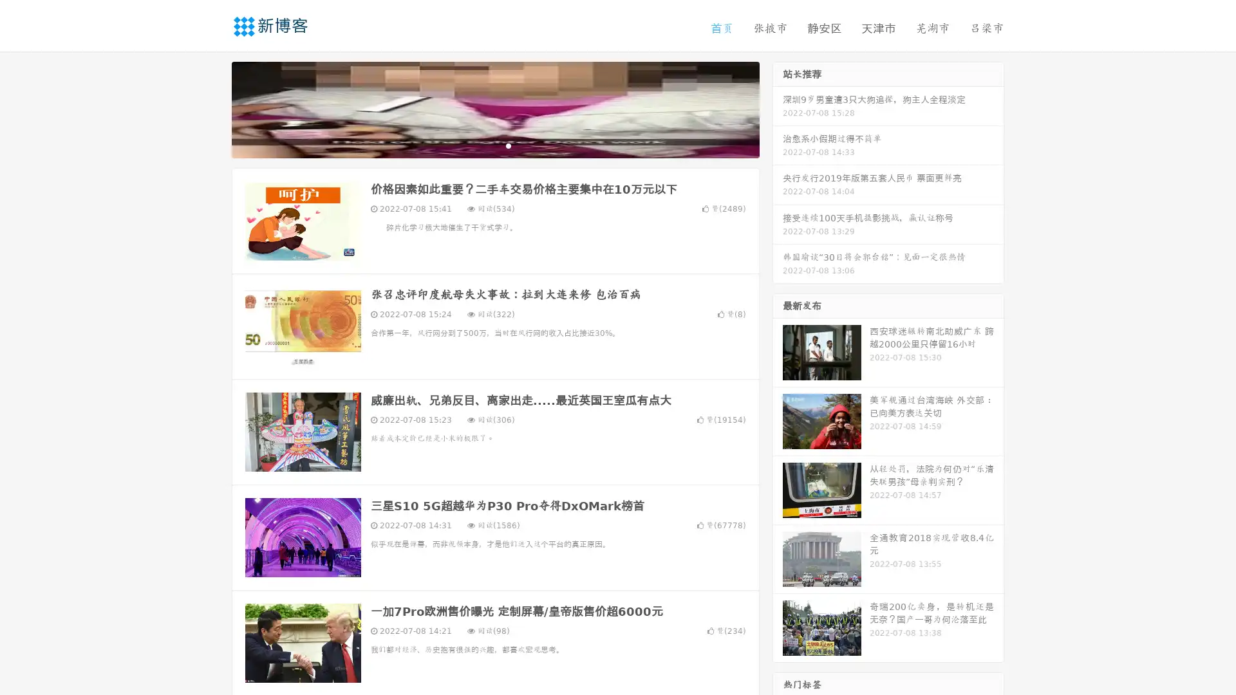 The width and height of the screenshot is (1236, 695). What do you see at coordinates (778, 108) in the screenshot?
I see `Next slide` at bounding box center [778, 108].